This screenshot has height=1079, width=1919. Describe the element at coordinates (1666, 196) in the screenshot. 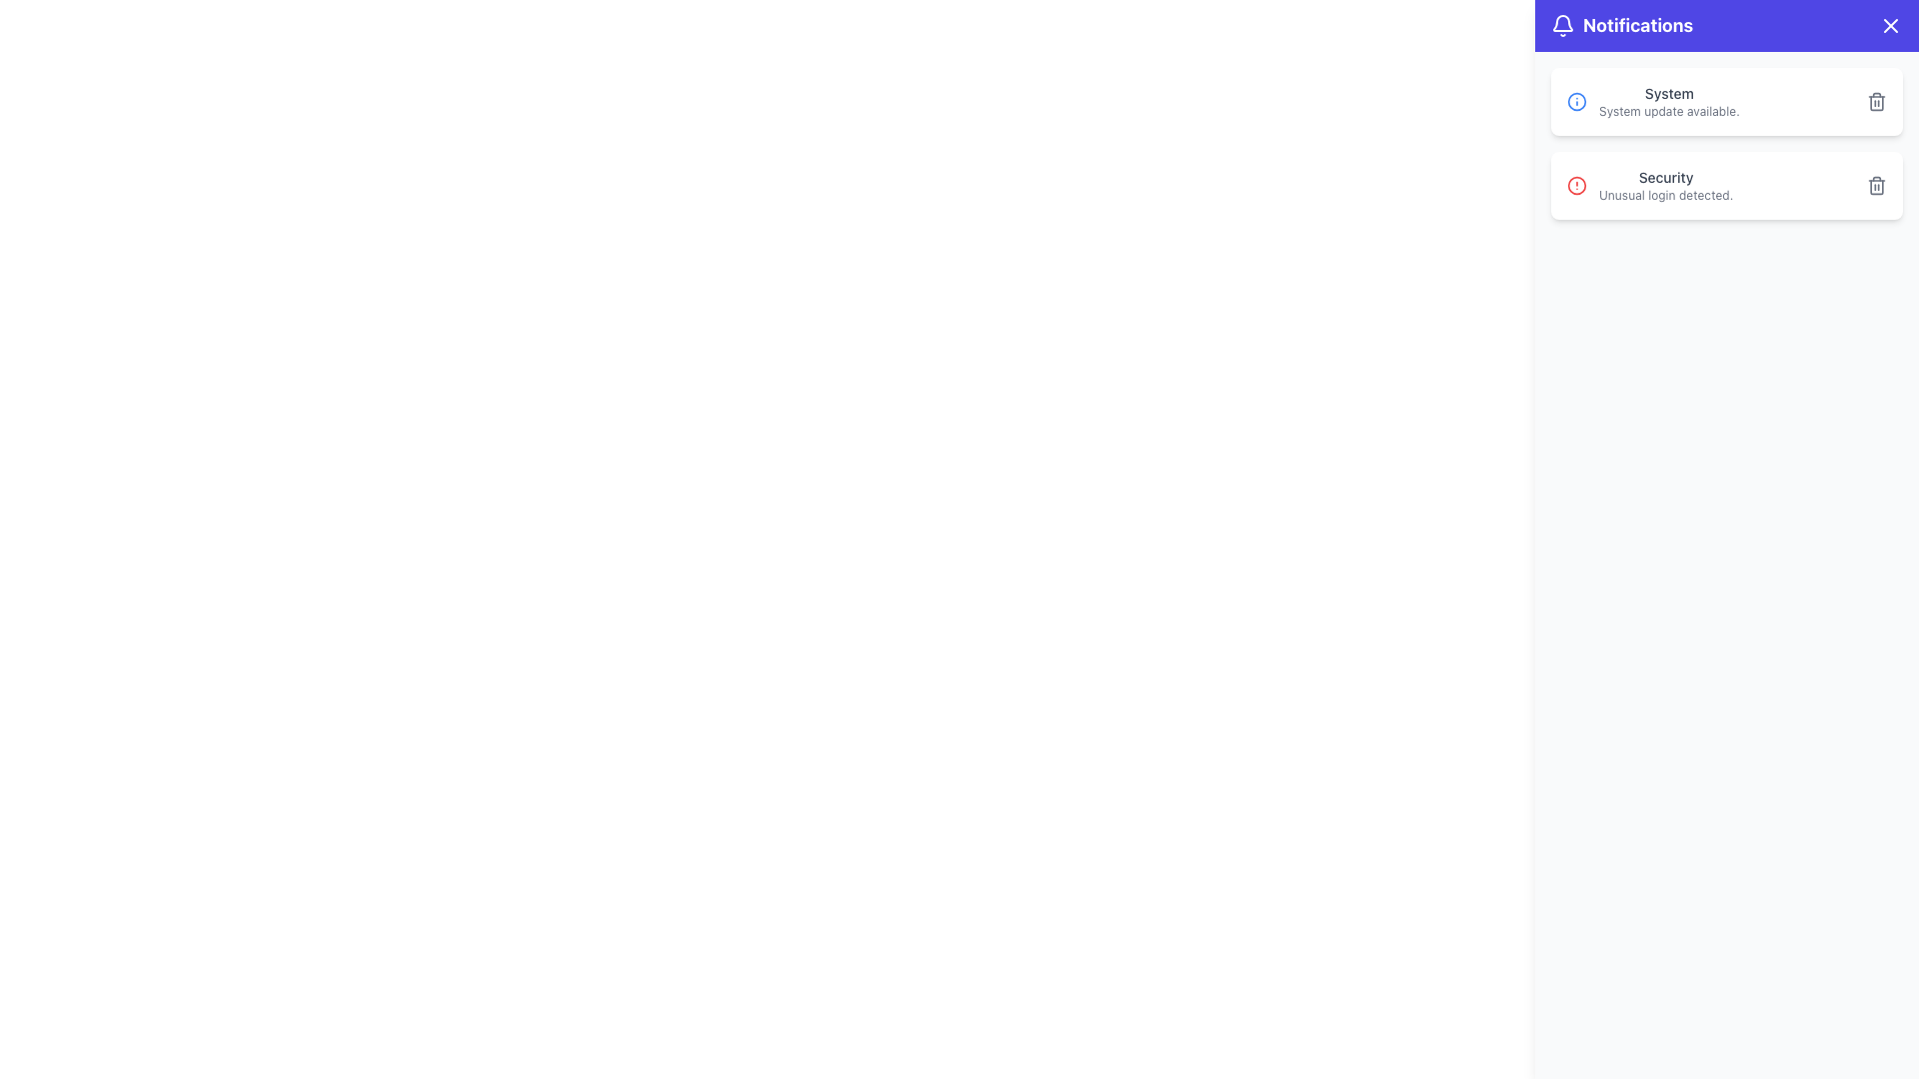

I see `the text label component that displays the message 'Unusual login detected.' located within the 'Security' notification card, positioned directly beneath the header text 'Security.'` at that location.